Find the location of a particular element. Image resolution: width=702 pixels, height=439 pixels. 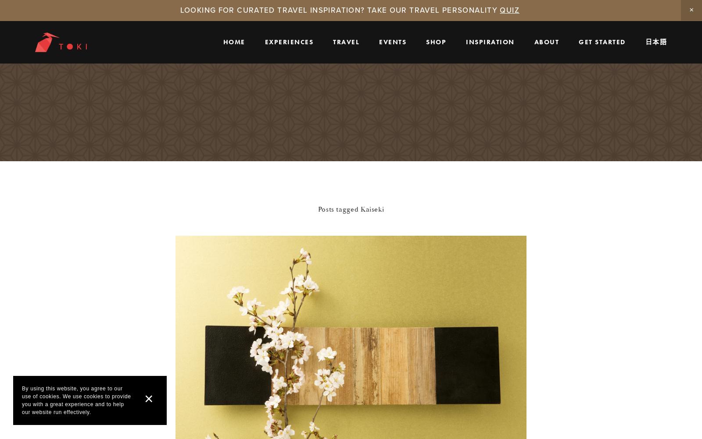

'Home' is located at coordinates (222, 41).